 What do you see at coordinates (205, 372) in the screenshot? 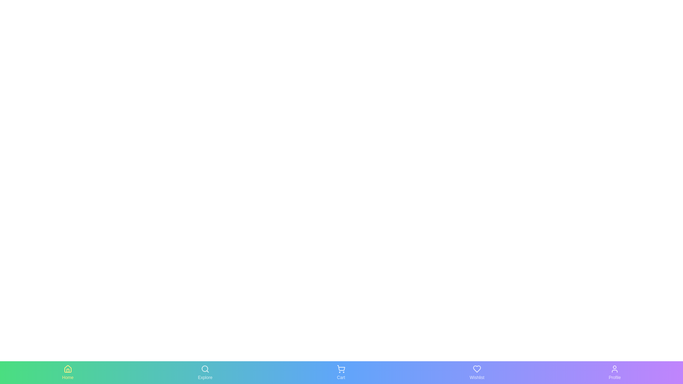
I see `the Explore tab by clicking on it` at bounding box center [205, 372].